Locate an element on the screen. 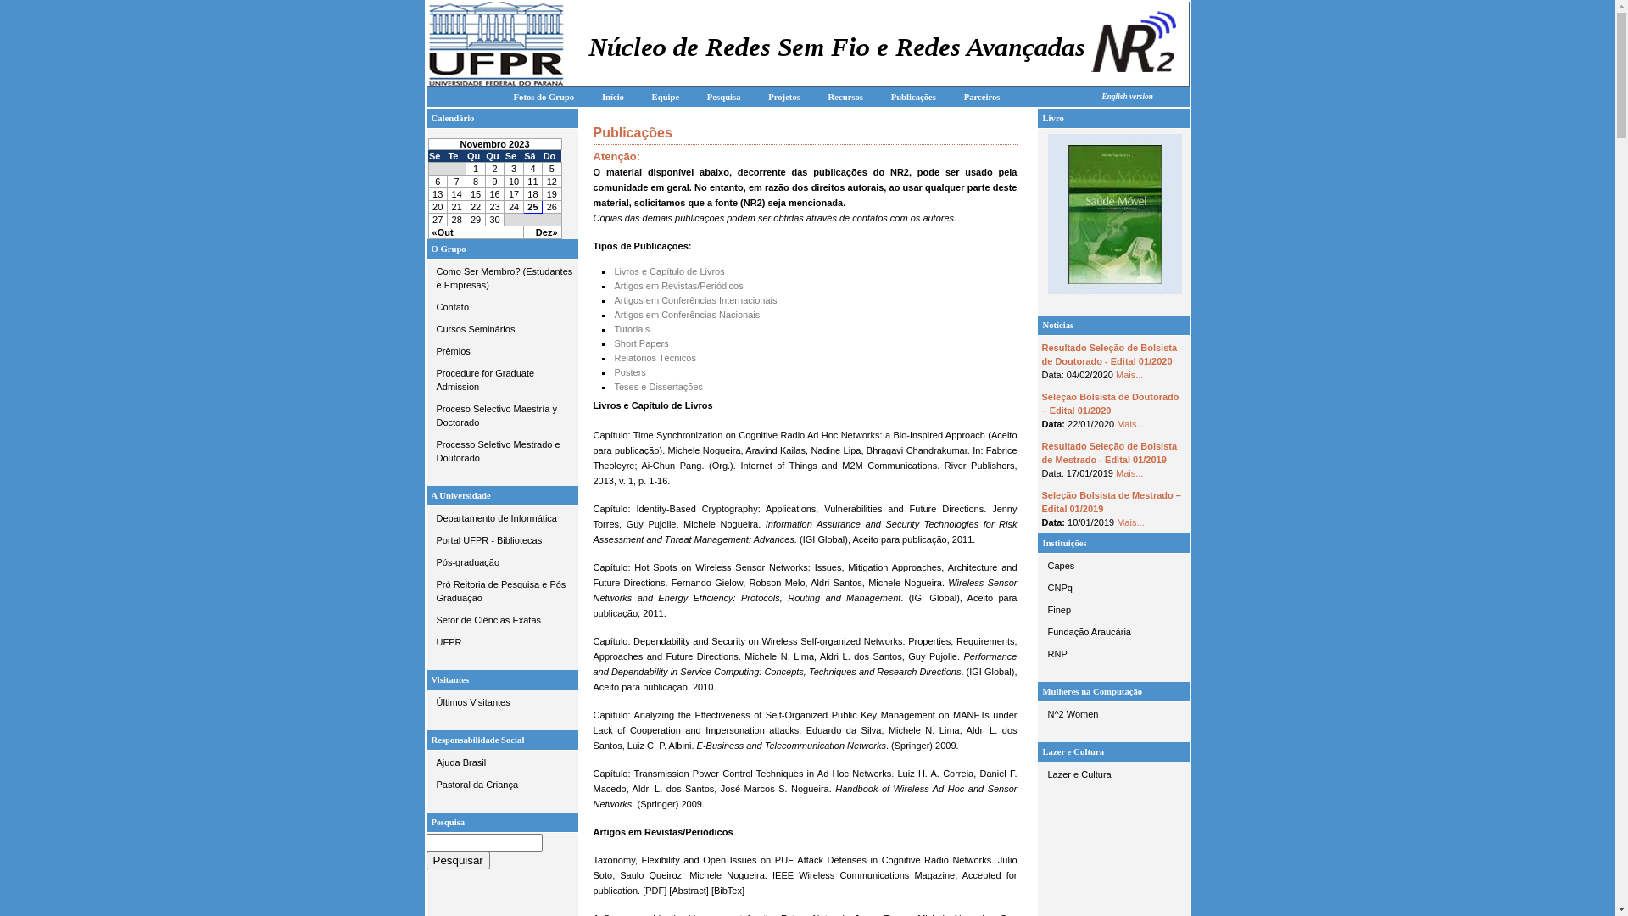 The width and height of the screenshot is (1628, 916). 'UFPR' is located at coordinates (500, 641).